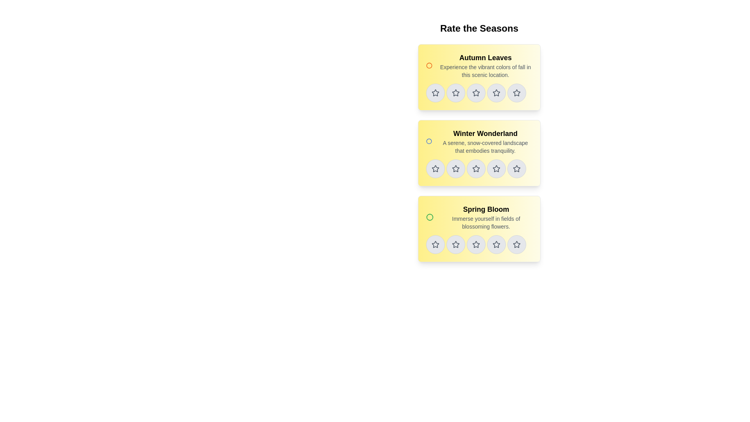  Describe the element at coordinates (476, 93) in the screenshot. I see `the 3-star rating button for the 'Autumn Leaves' card in the 'Rate the Seasons' section` at that location.